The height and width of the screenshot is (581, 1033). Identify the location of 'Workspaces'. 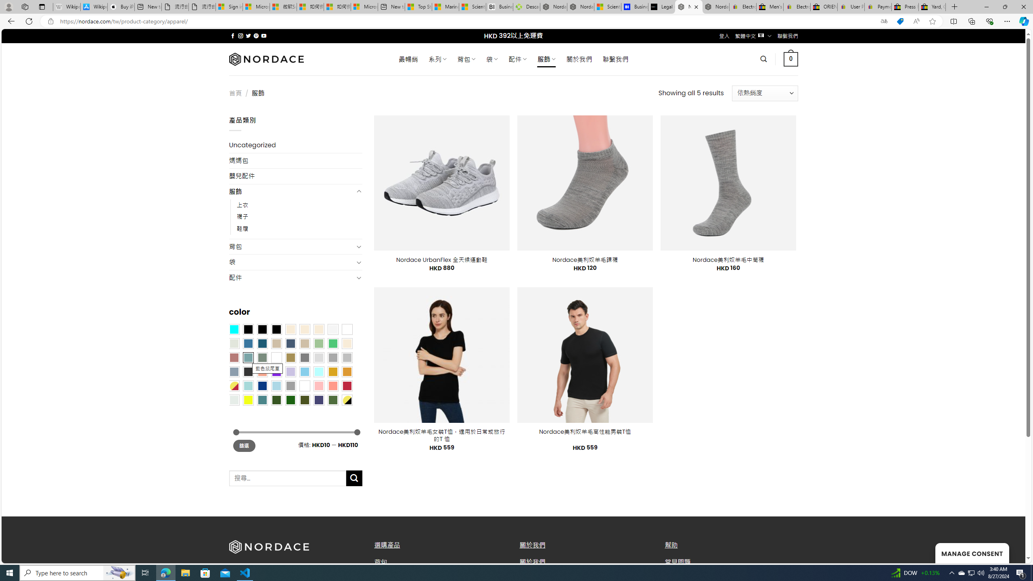
(25, 6).